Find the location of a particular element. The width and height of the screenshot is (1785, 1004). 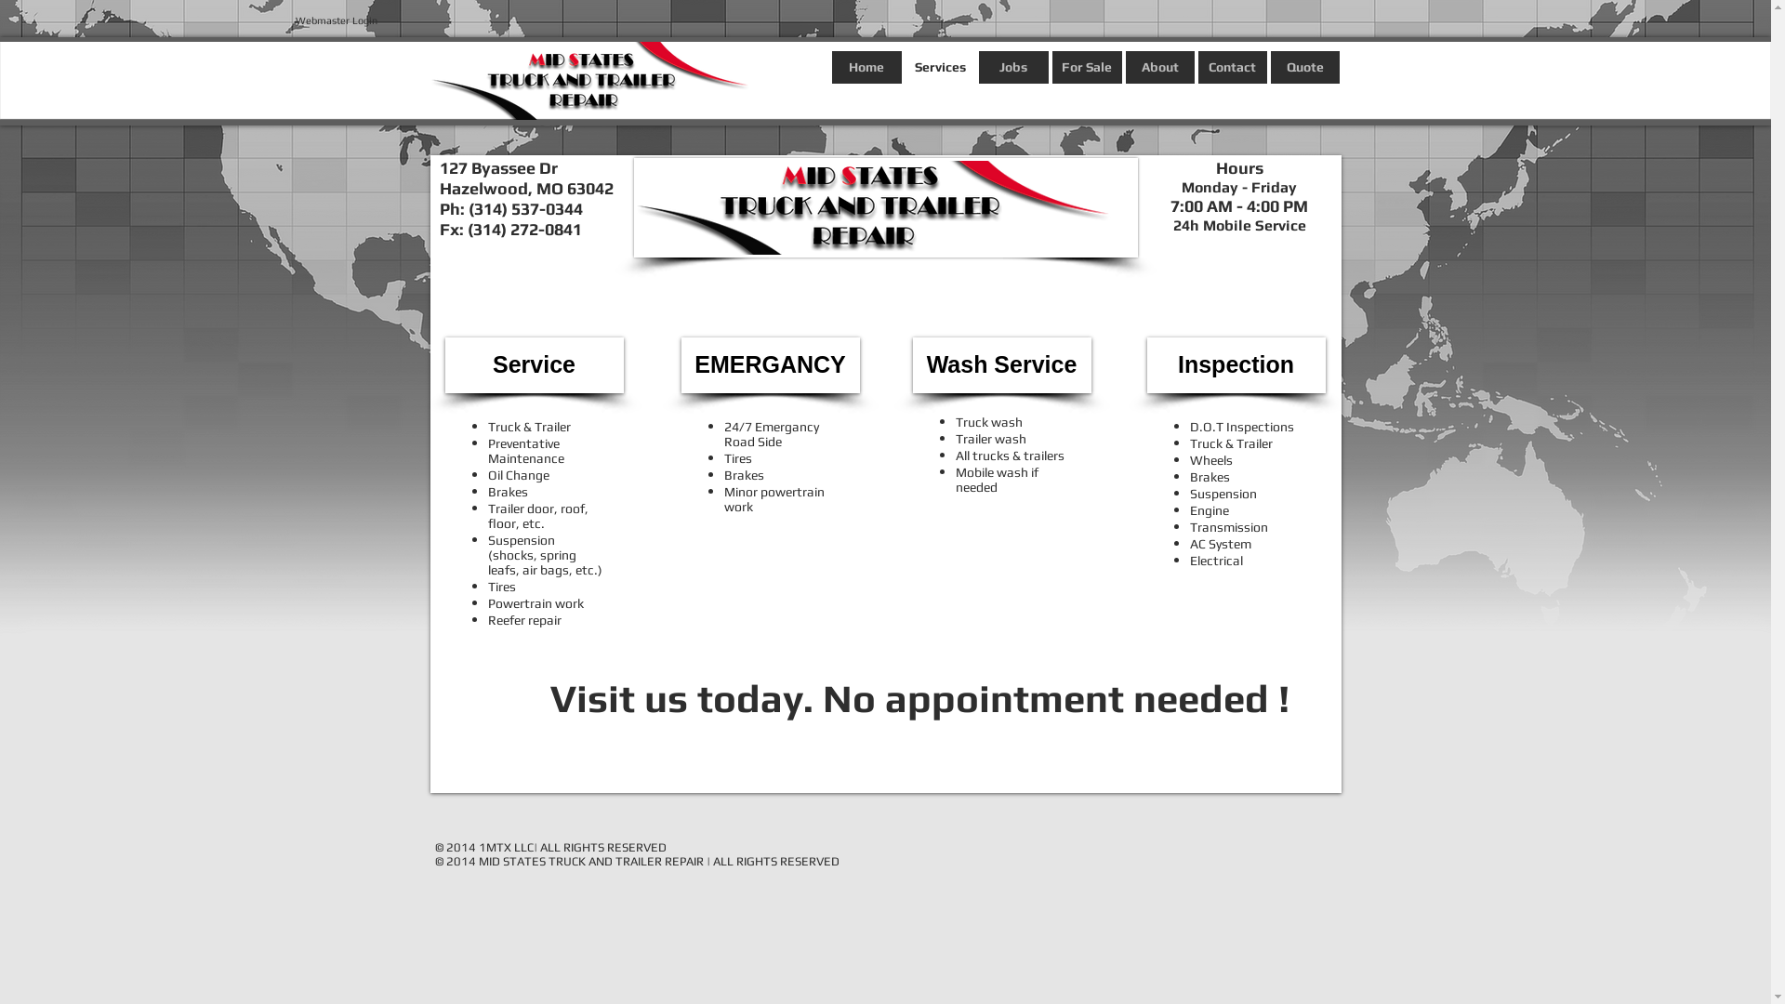

'Webmaster Login' is located at coordinates (337, 20).